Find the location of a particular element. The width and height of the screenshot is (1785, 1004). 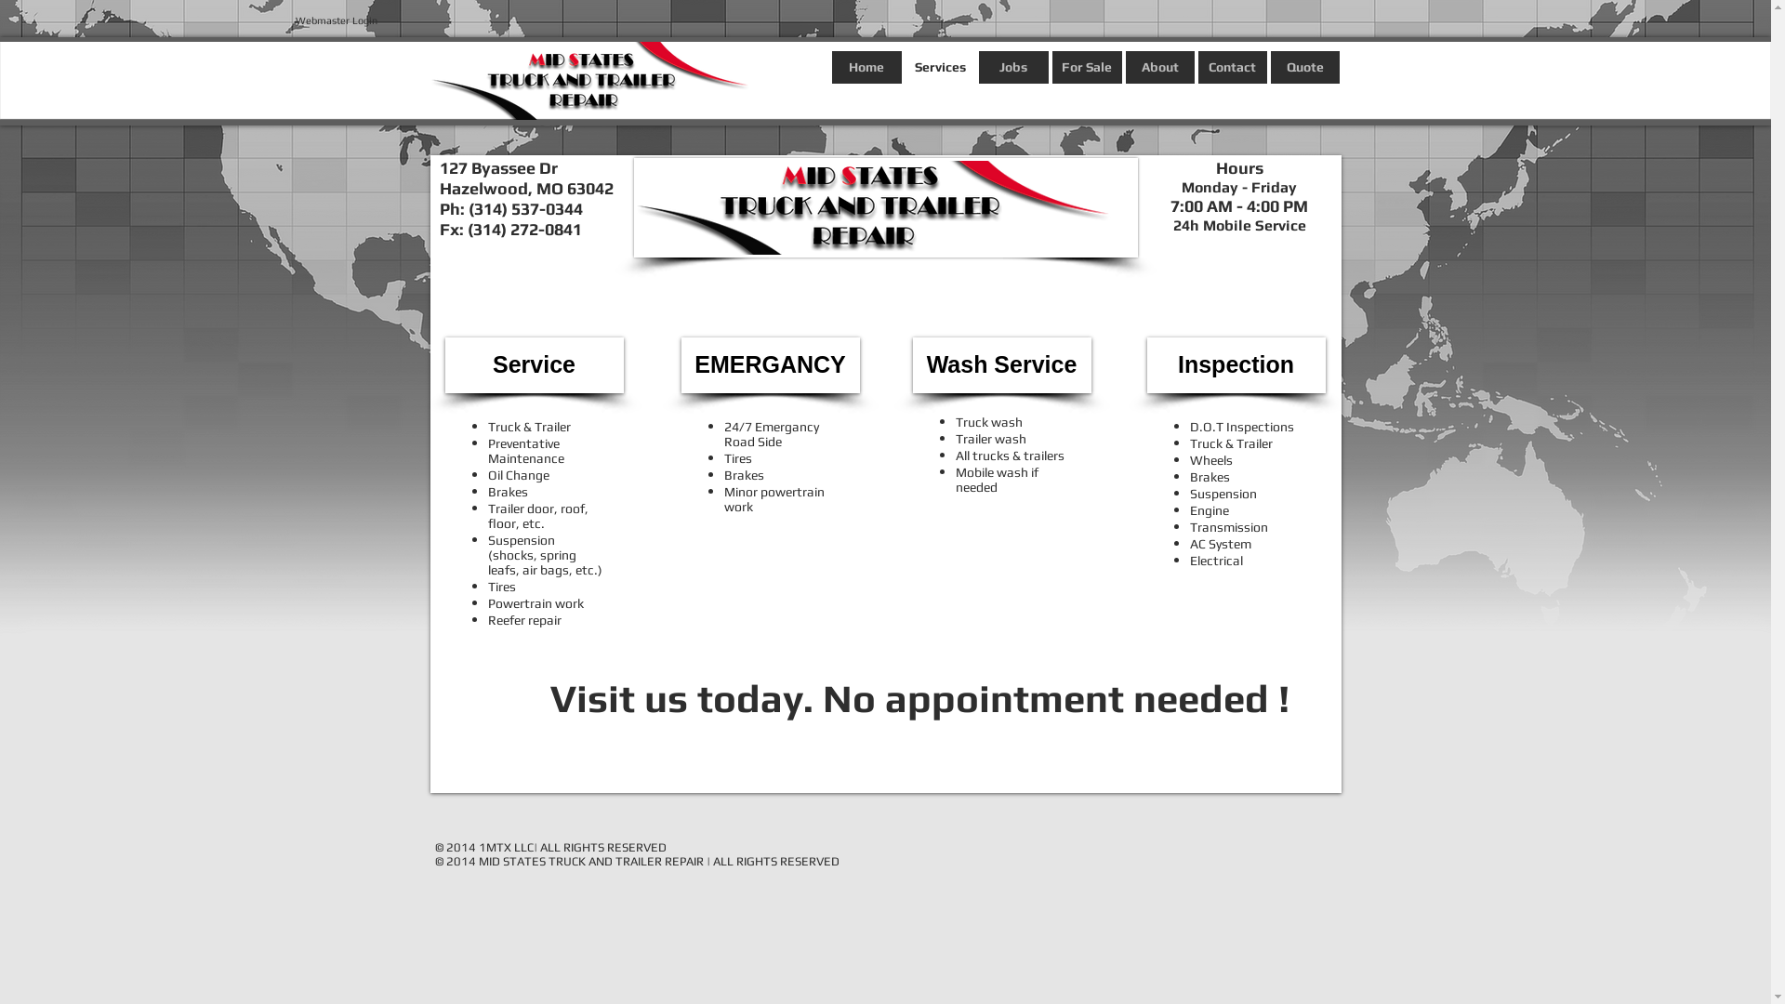

'Webmaster Login' is located at coordinates (337, 20).